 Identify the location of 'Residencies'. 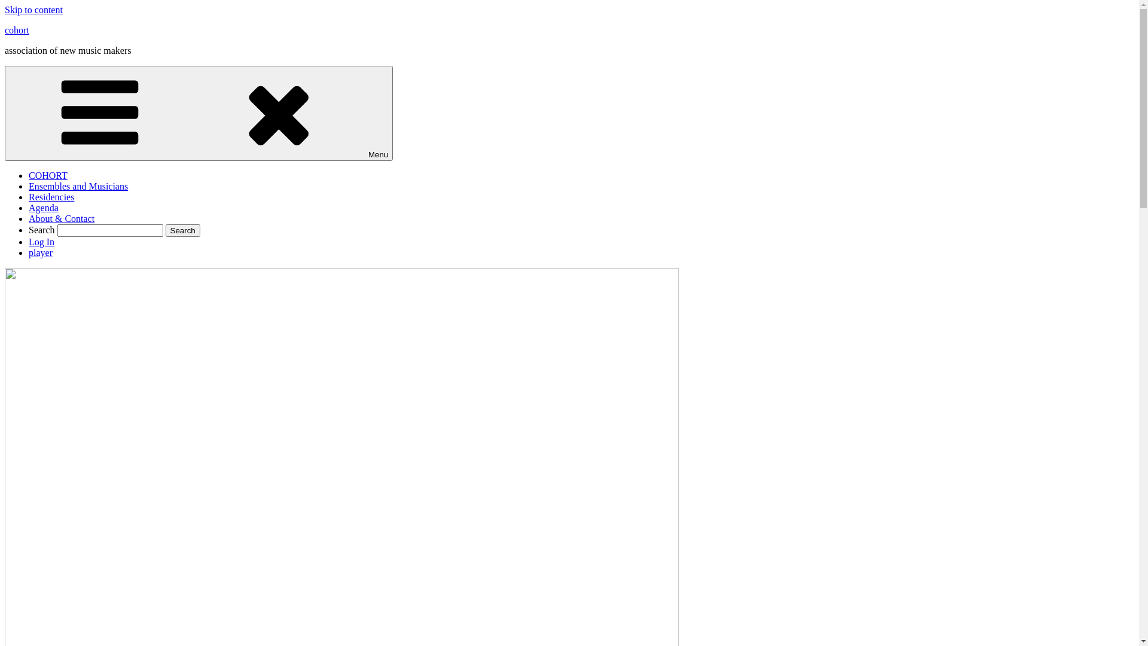
(51, 196).